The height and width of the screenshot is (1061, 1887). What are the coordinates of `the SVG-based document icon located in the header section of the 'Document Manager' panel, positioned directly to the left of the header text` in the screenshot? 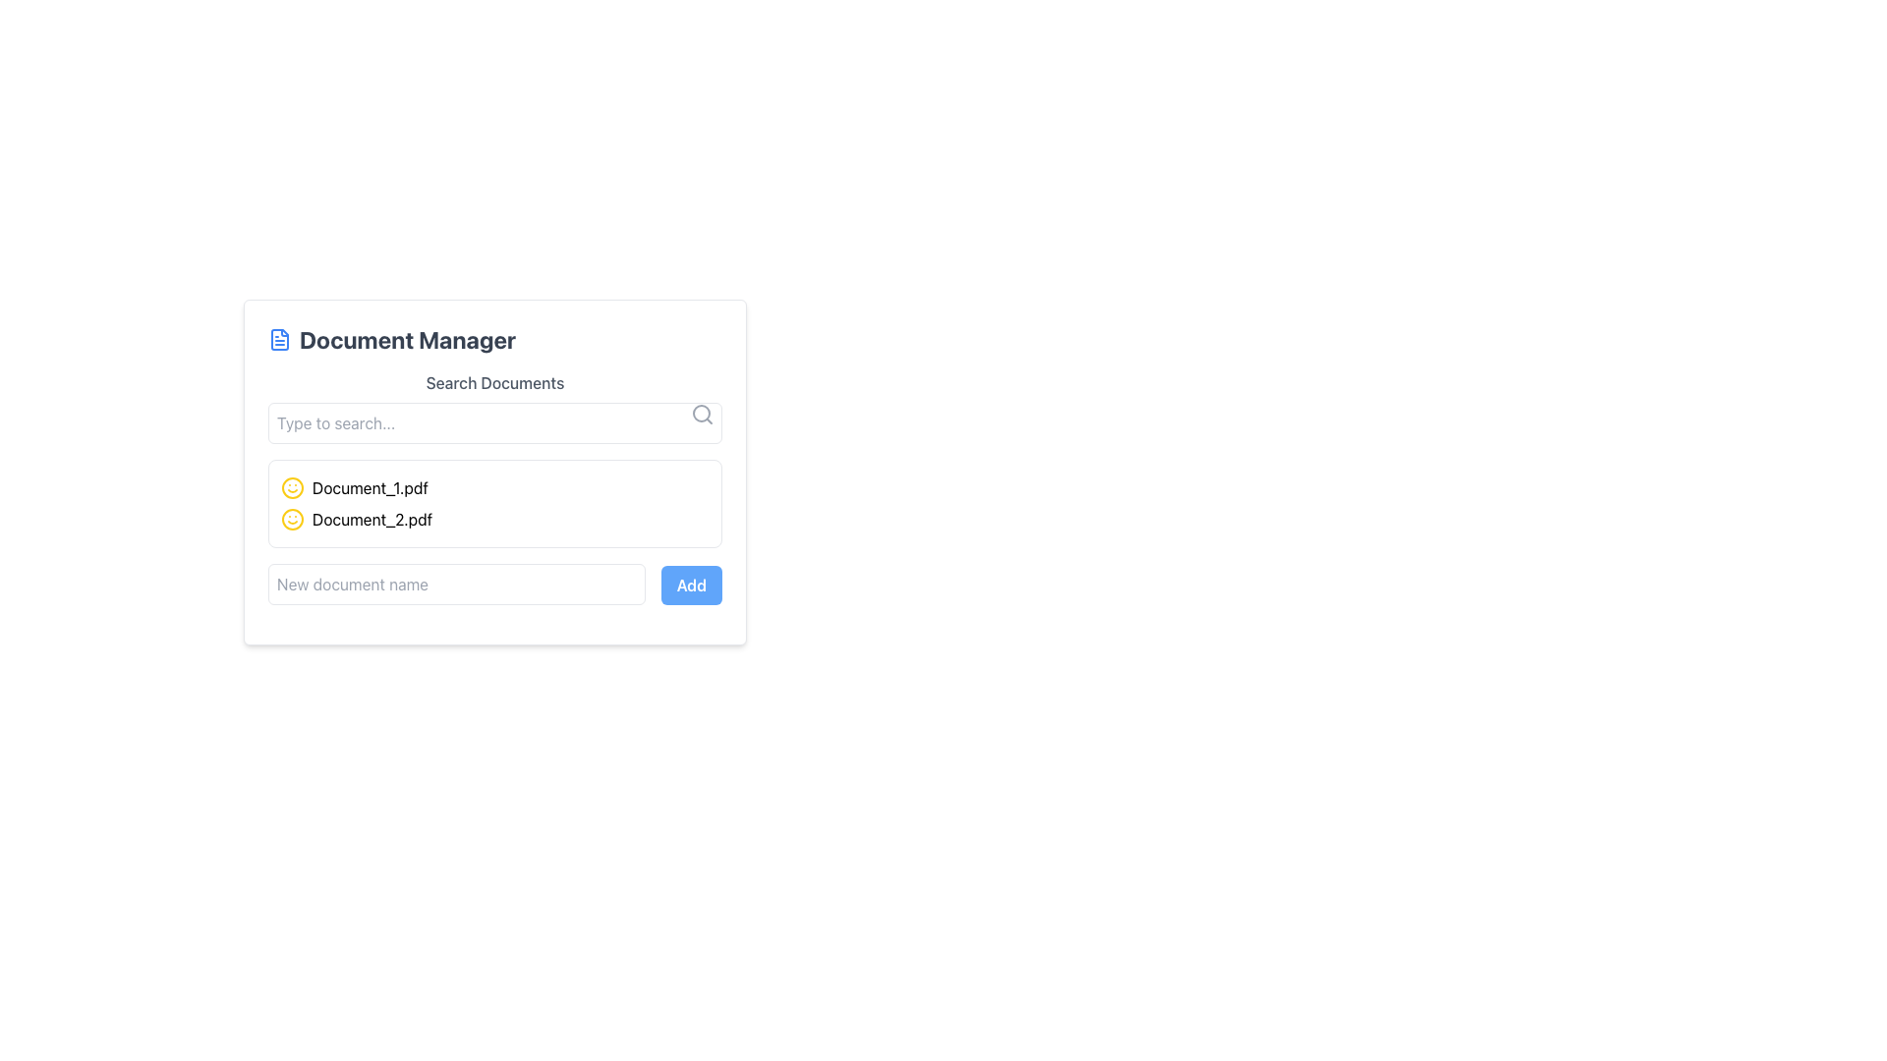 It's located at (278, 339).